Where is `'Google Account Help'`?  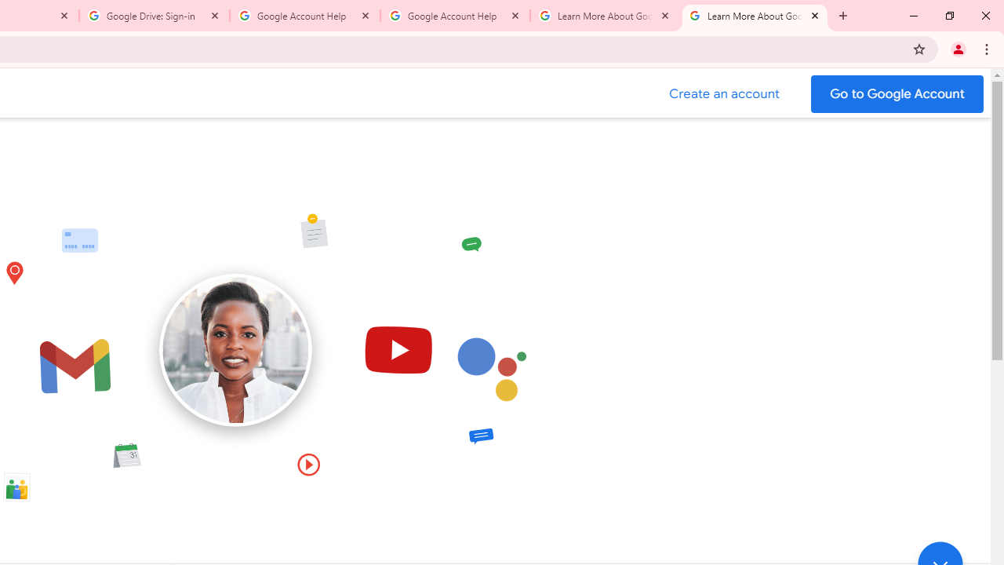 'Google Account Help' is located at coordinates (305, 16).